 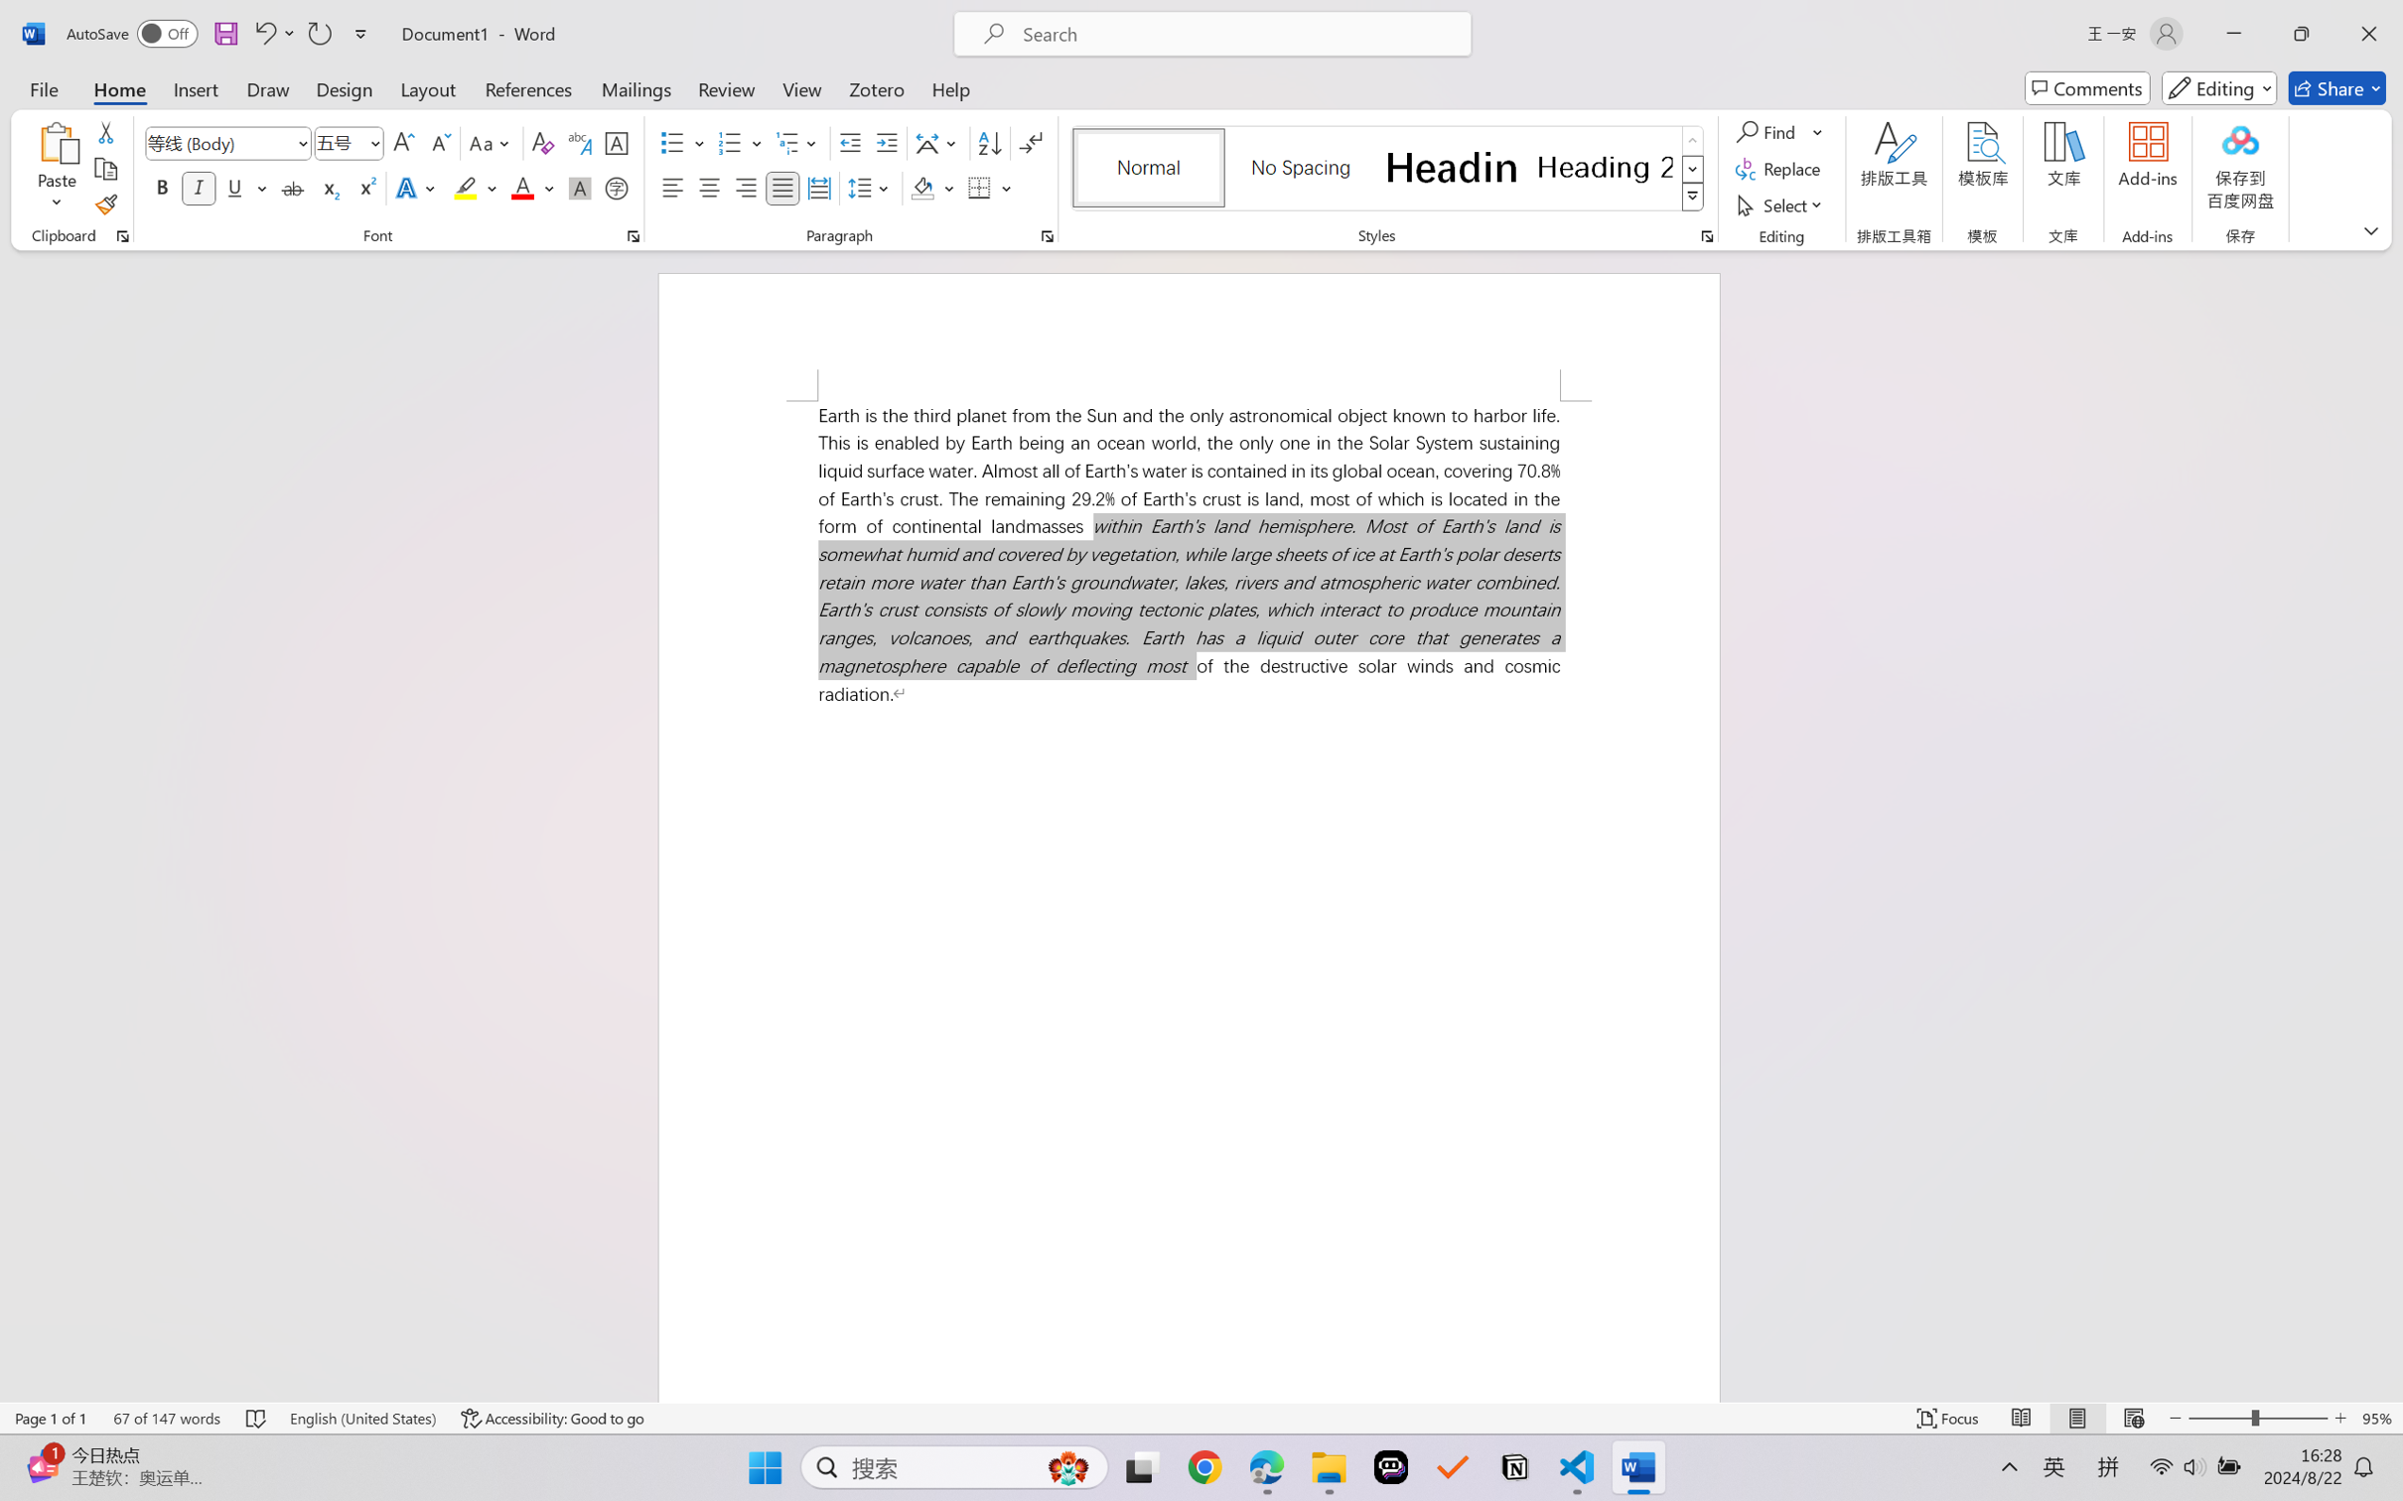 What do you see at coordinates (850, 143) in the screenshot?
I see `'Decrease Indent'` at bounding box center [850, 143].